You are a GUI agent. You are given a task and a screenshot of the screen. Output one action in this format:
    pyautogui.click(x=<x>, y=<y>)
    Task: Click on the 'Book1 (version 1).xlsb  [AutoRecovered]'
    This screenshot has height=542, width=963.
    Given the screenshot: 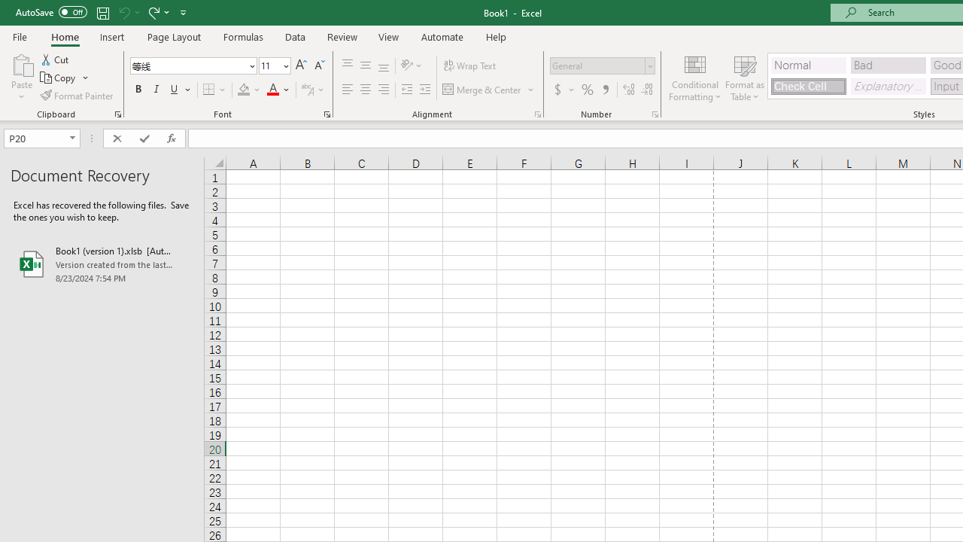 What is the action you would take?
    pyautogui.click(x=102, y=263)
    